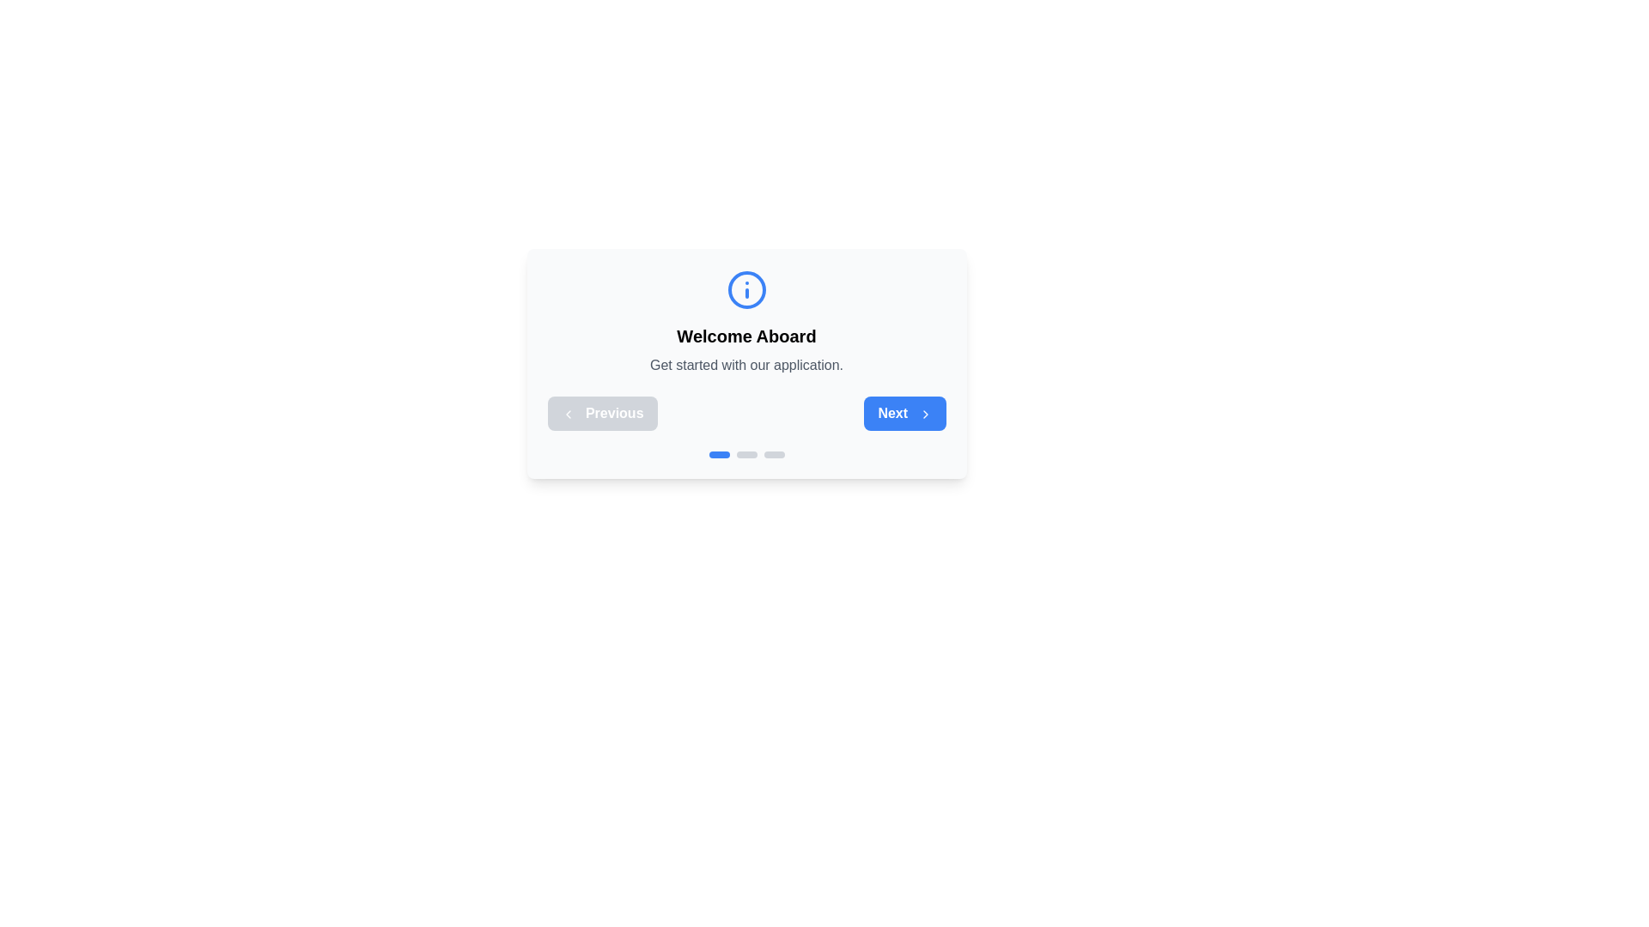 The height and width of the screenshot is (927, 1649). What do you see at coordinates (773, 453) in the screenshot?
I see `the third navigation indicator element in the group of three shapes at the bottom center of the modal, which visually represents a step or status point` at bounding box center [773, 453].